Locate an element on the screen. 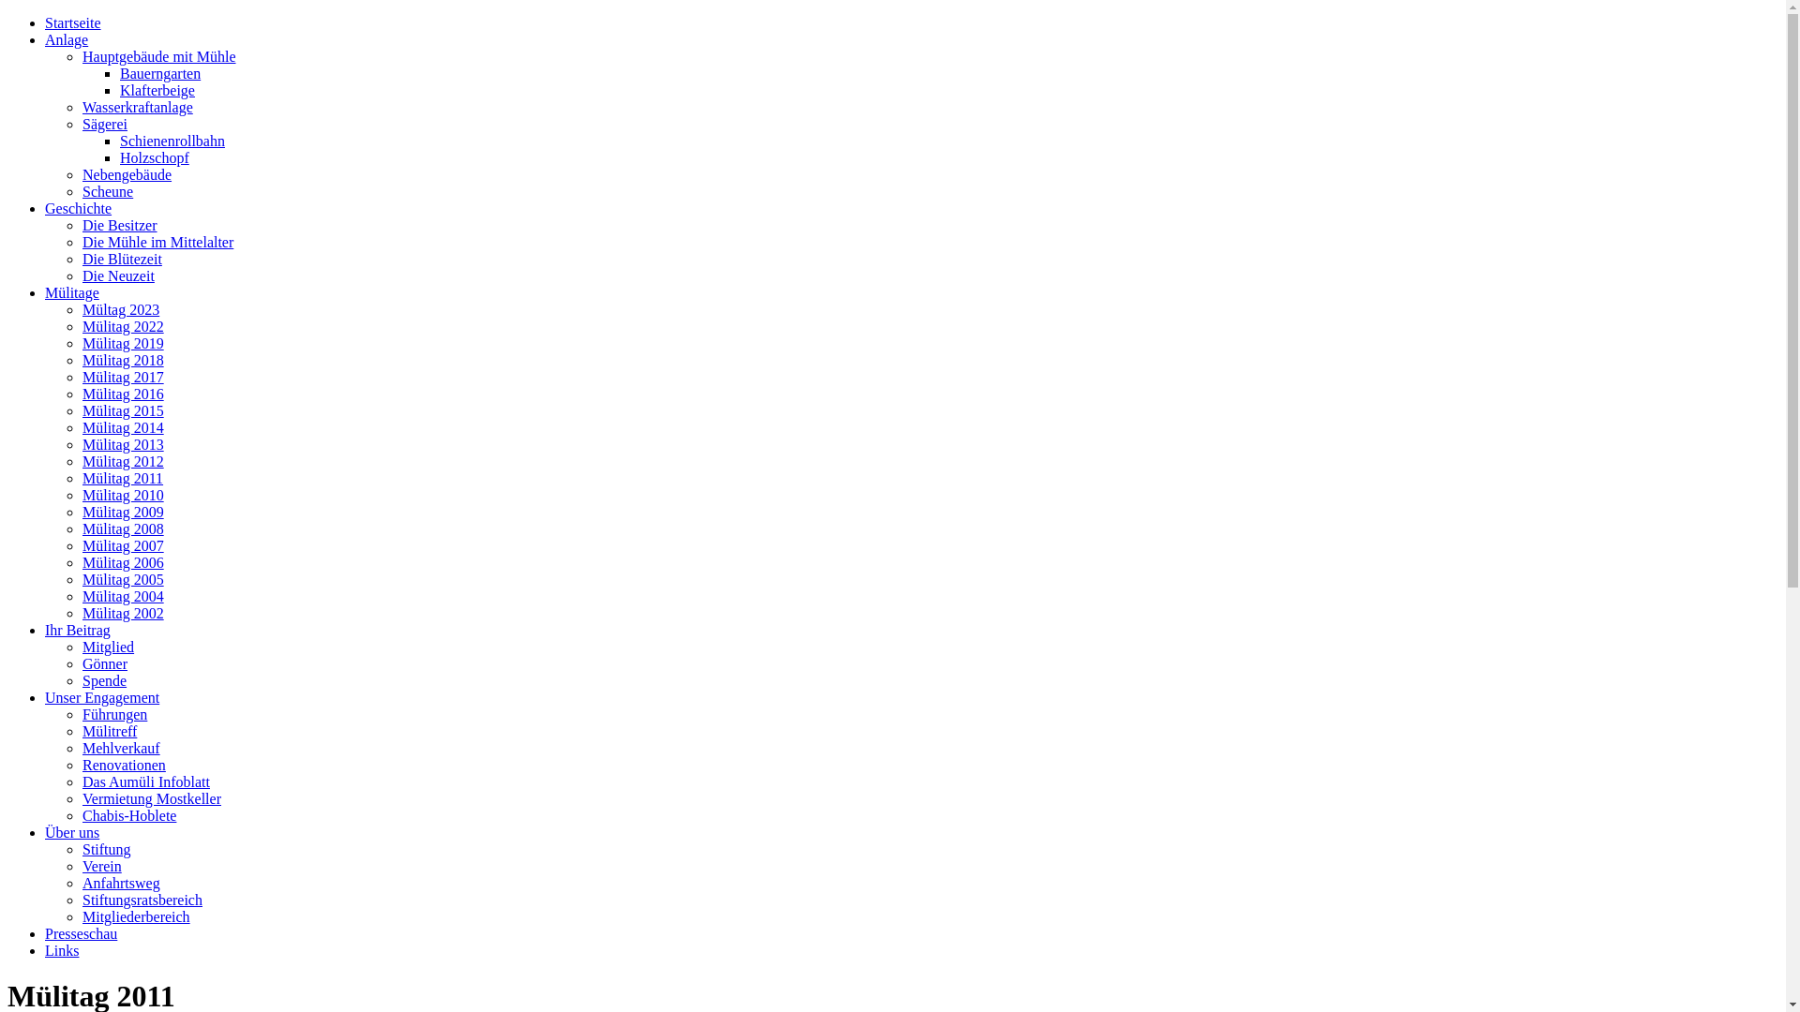  'Verein' is located at coordinates (81, 866).